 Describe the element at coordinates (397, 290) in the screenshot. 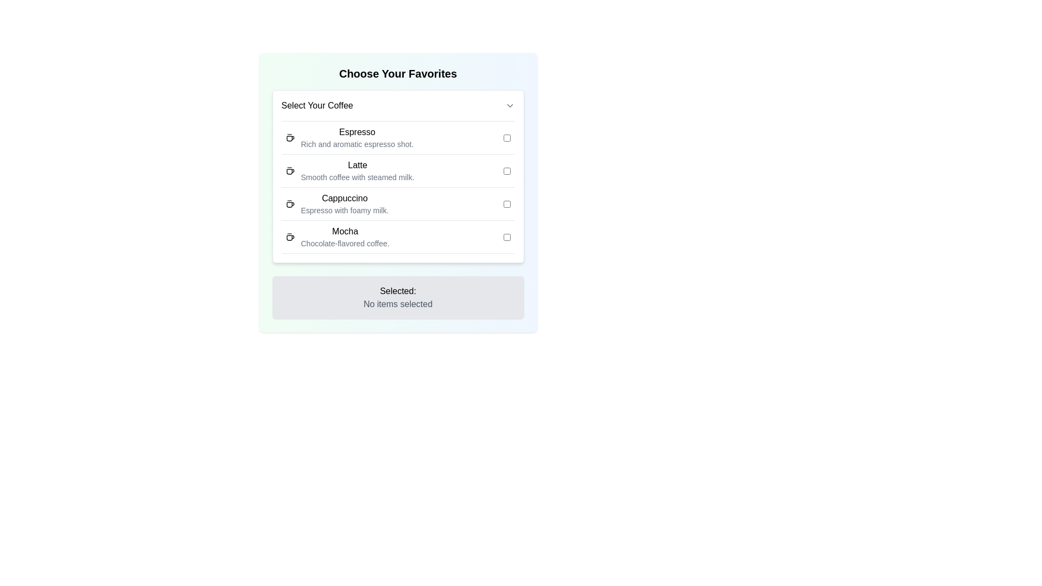

I see `the label positioned just above the text 'No items selected', which serves as a category indicator for the displayed data` at that location.